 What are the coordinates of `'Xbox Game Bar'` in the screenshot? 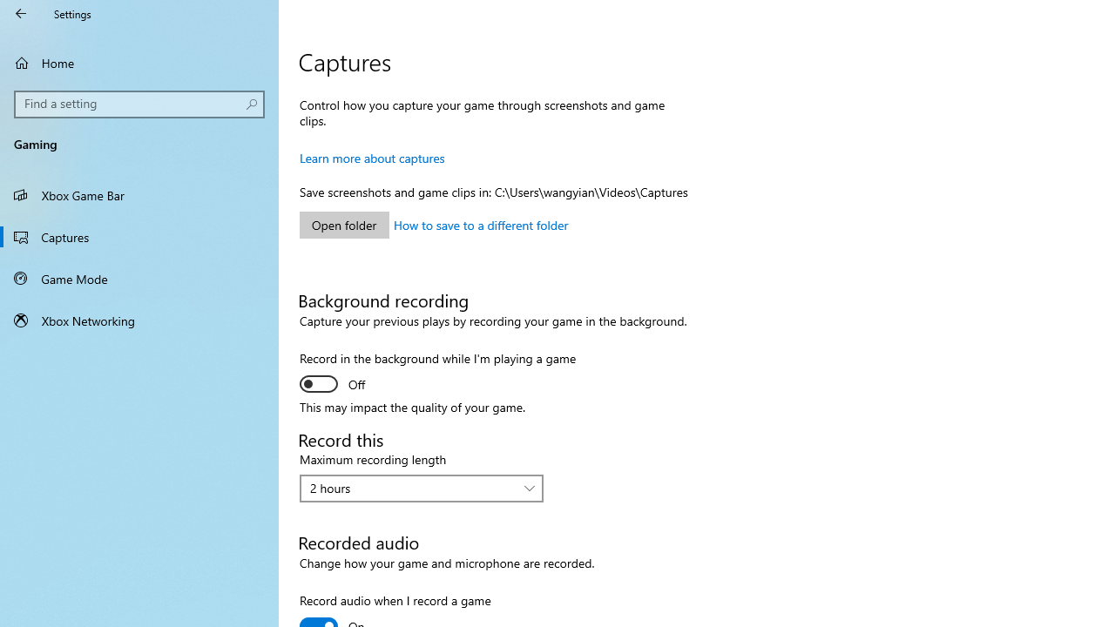 It's located at (139, 194).